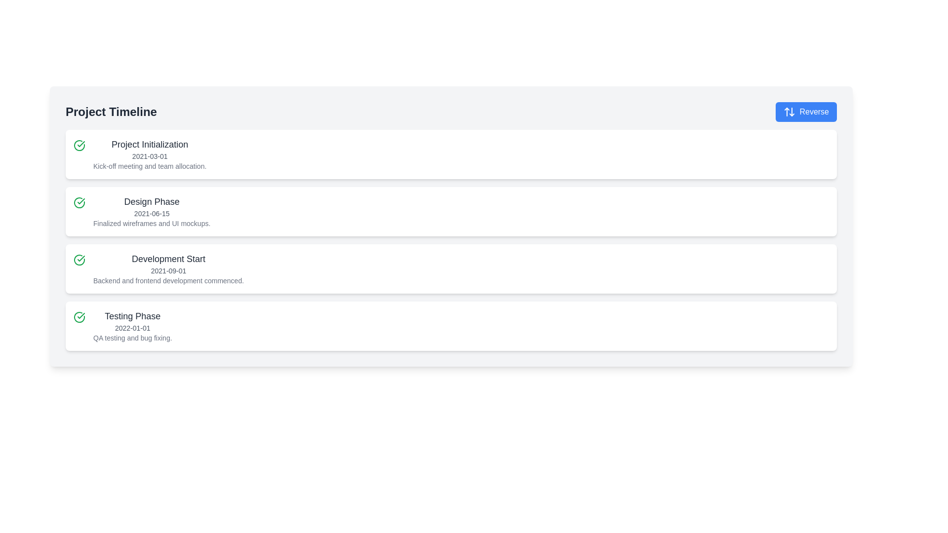  I want to click on the graphical indicator icon representing the completion status of the 'Project Initialization' phase, located to the left of the 'Project Initialization' text, so click(79, 145).